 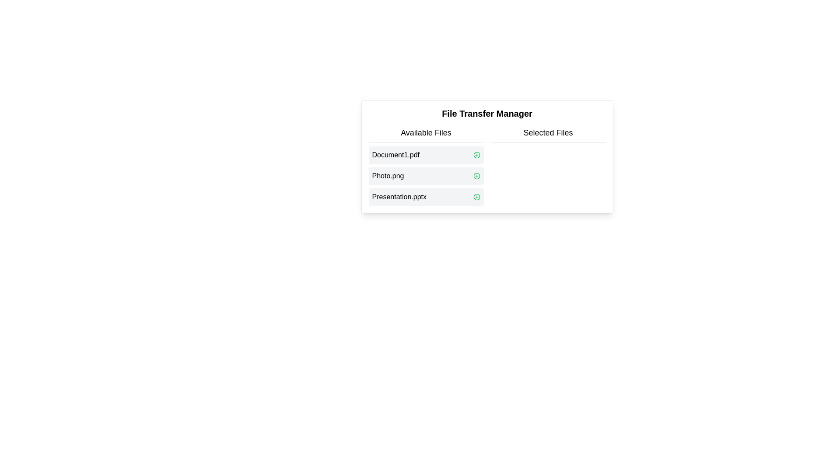 I want to click on the SVG Circle element that forms the outer ring of a plus icon, which is a circular outline with a hollow center, so click(x=476, y=176).